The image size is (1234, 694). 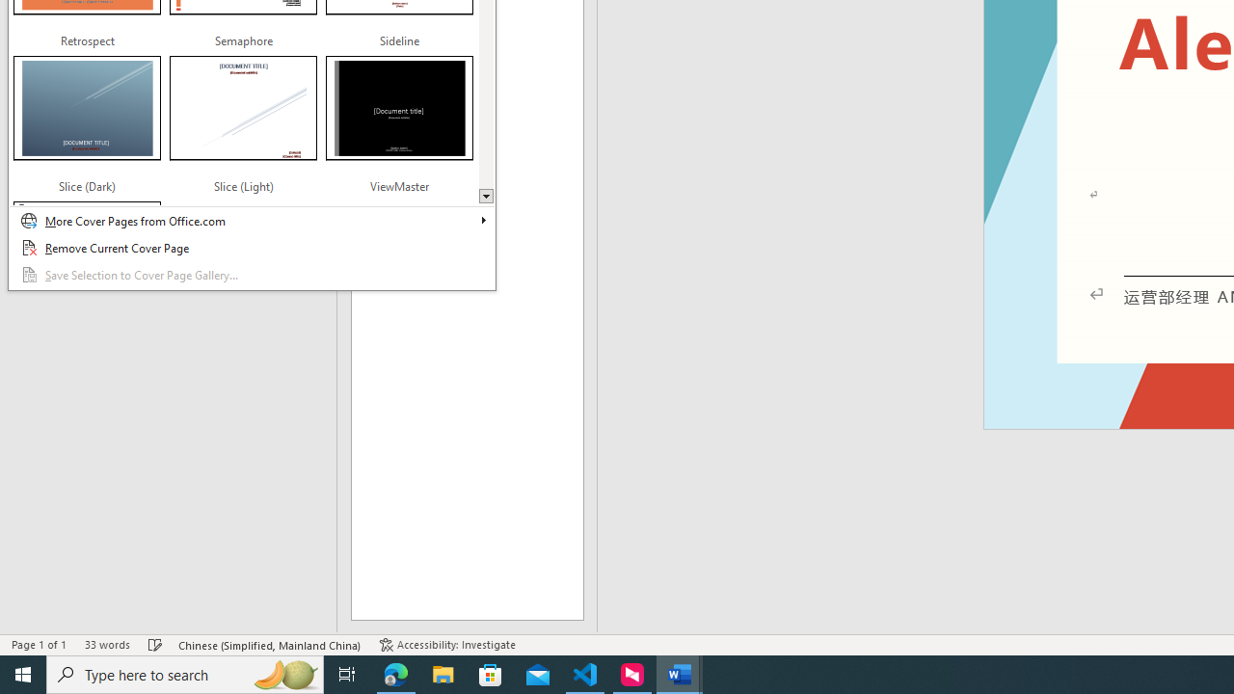 I want to click on 'Language Chinese (Simplified, Mainland China)', so click(x=269, y=645).